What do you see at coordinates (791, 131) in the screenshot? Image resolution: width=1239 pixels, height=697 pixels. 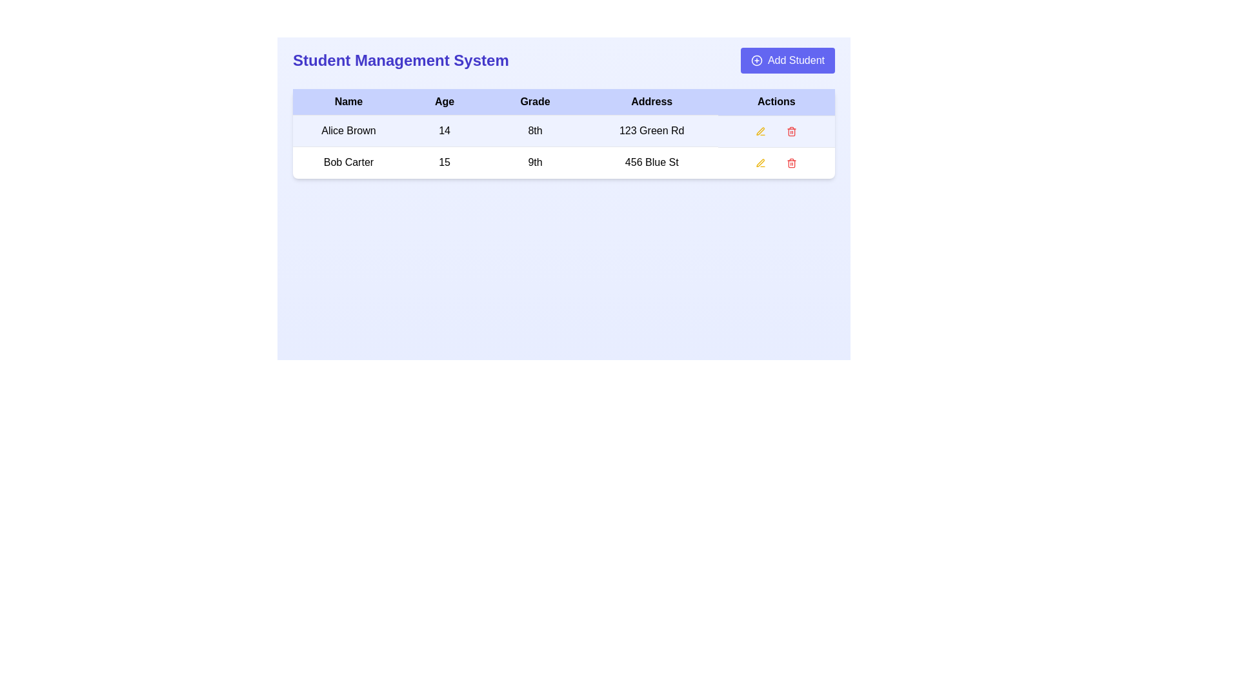 I see `the delete icon button located in the far-right section of the second row in the 'Actions' column of the table` at bounding box center [791, 131].